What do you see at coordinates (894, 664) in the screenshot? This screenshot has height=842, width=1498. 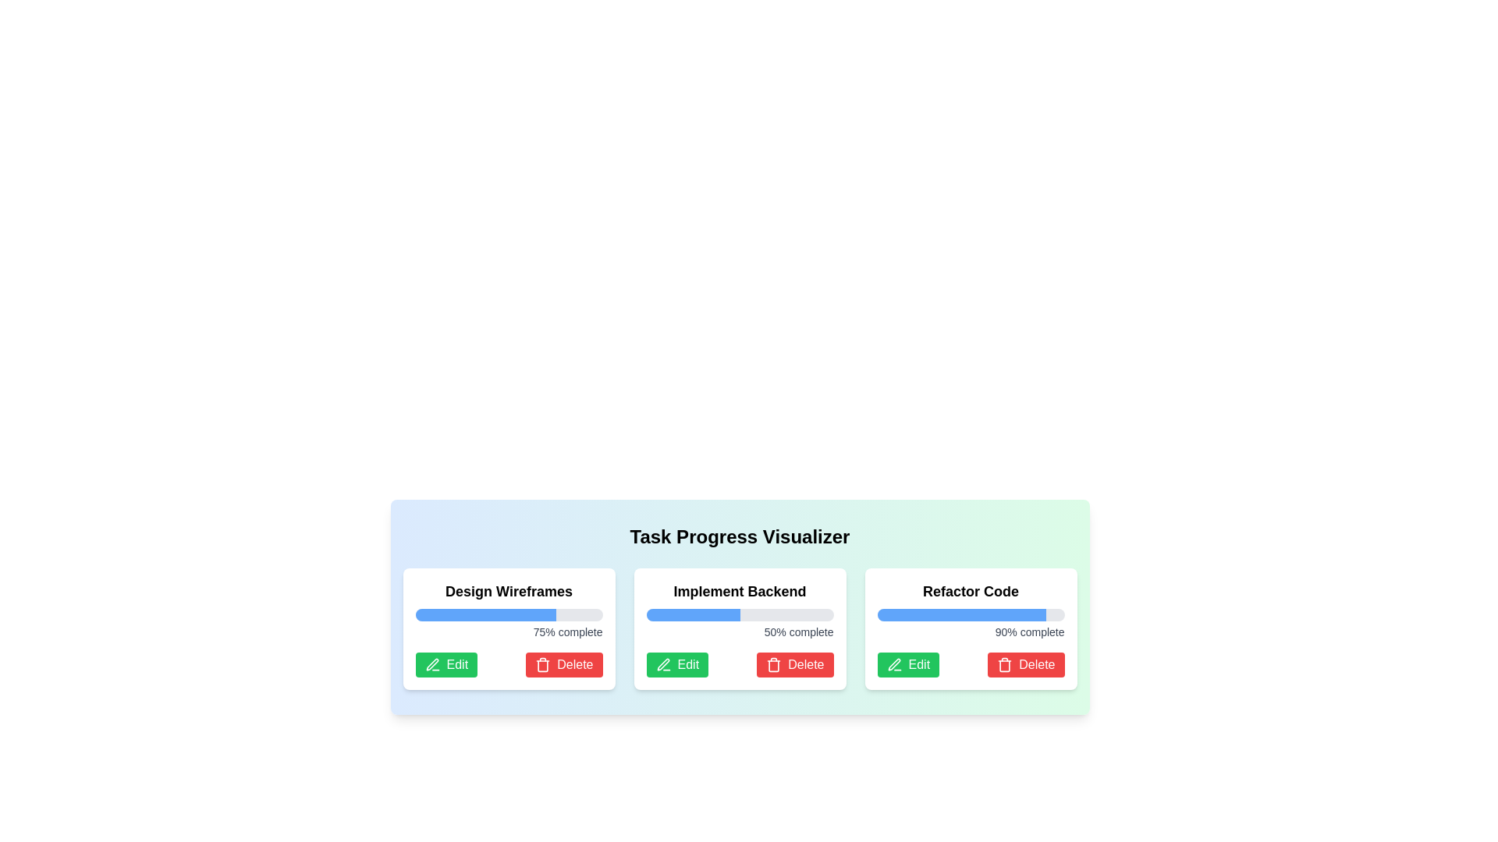 I see `the pen icon within the 'Edit' button located below the task titled 'Refactor Code'` at bounding box center [894, 664].